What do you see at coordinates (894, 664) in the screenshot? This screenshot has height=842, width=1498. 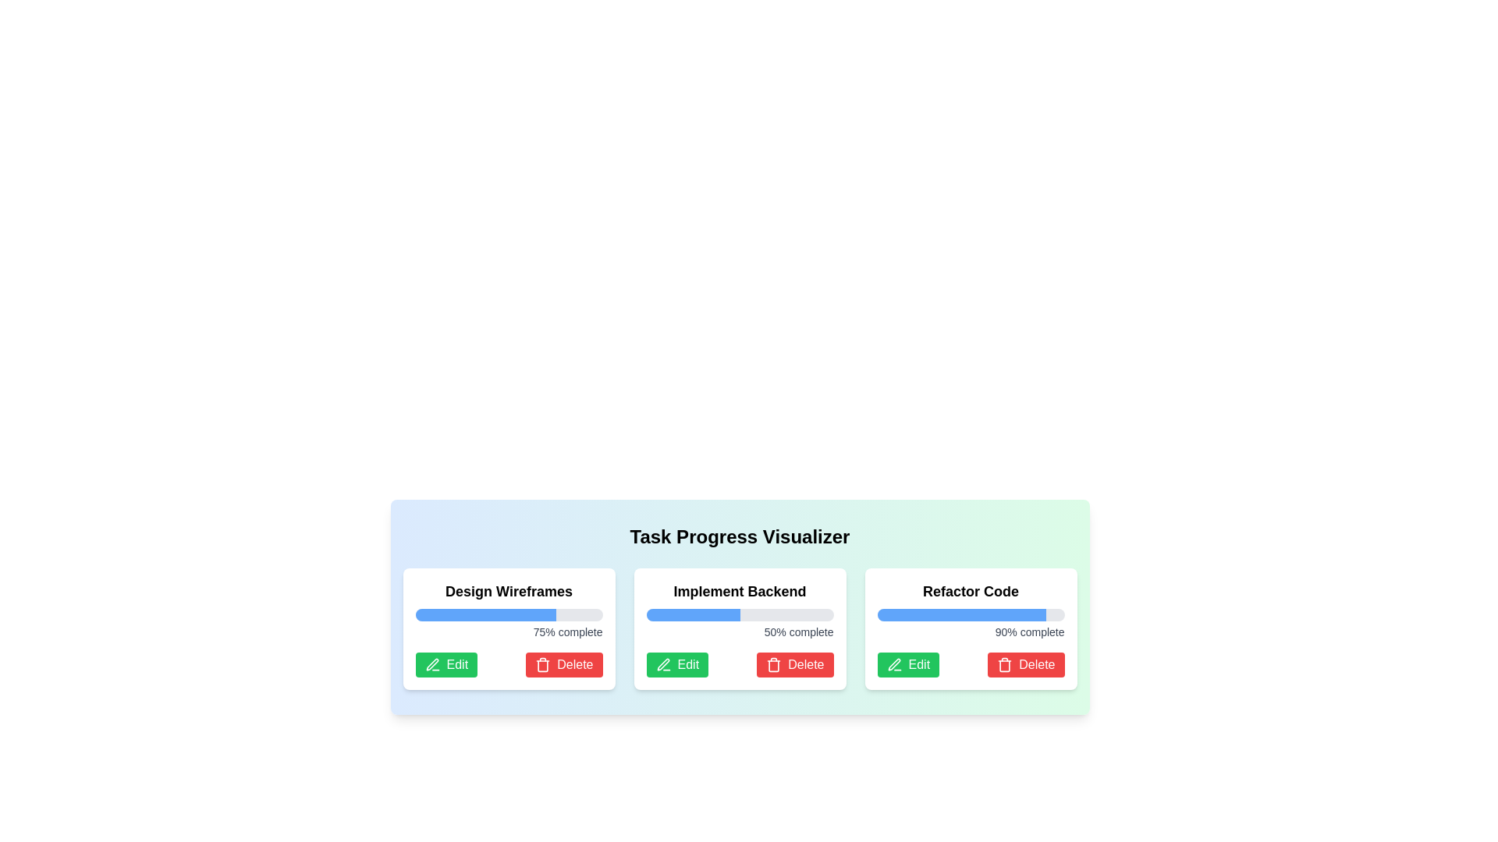 I see `the pen icon within the 'Edit' button located below the task titled 'Refactor Code'` at bounding box center [894, 664].